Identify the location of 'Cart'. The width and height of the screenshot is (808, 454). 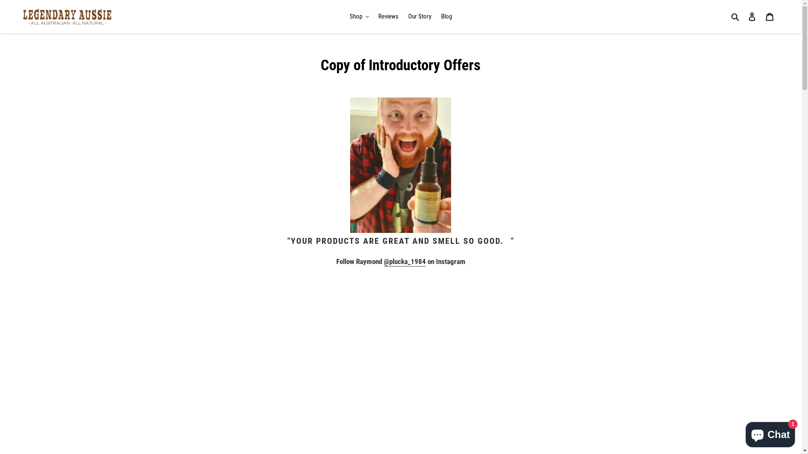
(769, 16).